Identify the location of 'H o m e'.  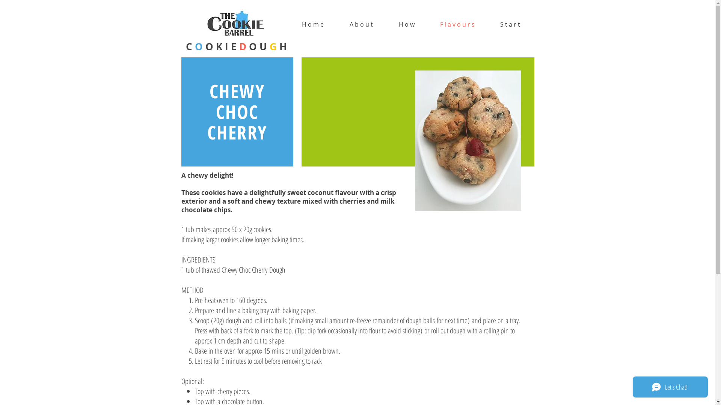
(313, 24).